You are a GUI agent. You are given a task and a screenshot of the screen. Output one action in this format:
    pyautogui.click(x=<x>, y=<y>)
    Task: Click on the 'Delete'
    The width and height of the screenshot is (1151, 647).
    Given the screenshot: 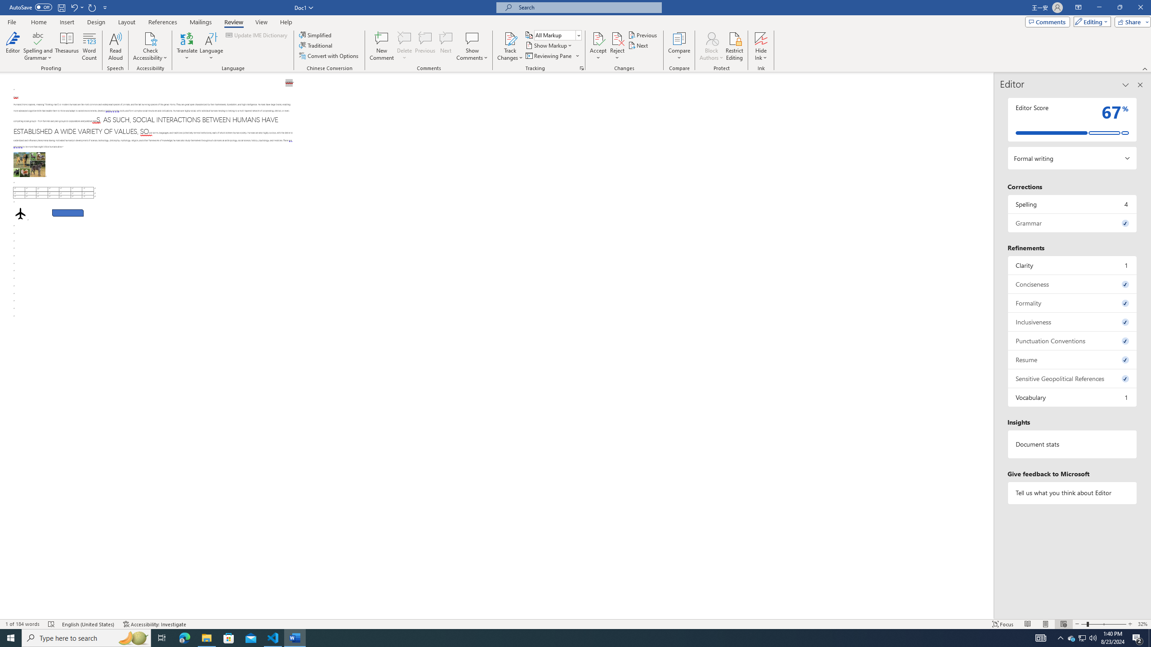 What is the action you would take?
    pyautogui.click(x=404, y=38)
    